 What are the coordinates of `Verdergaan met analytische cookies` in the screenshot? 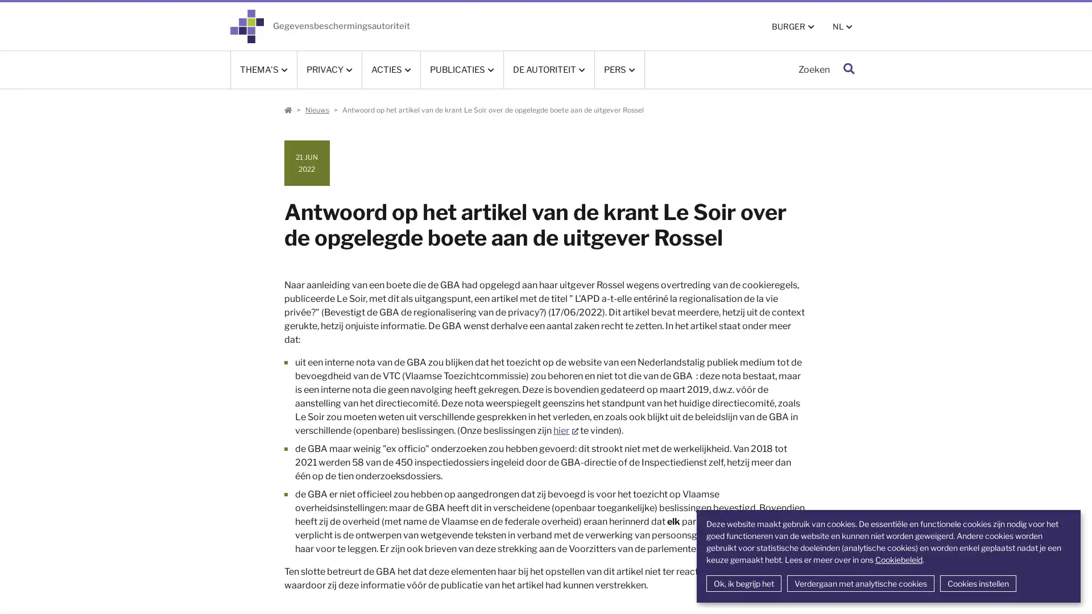 It's located at (860, 583).